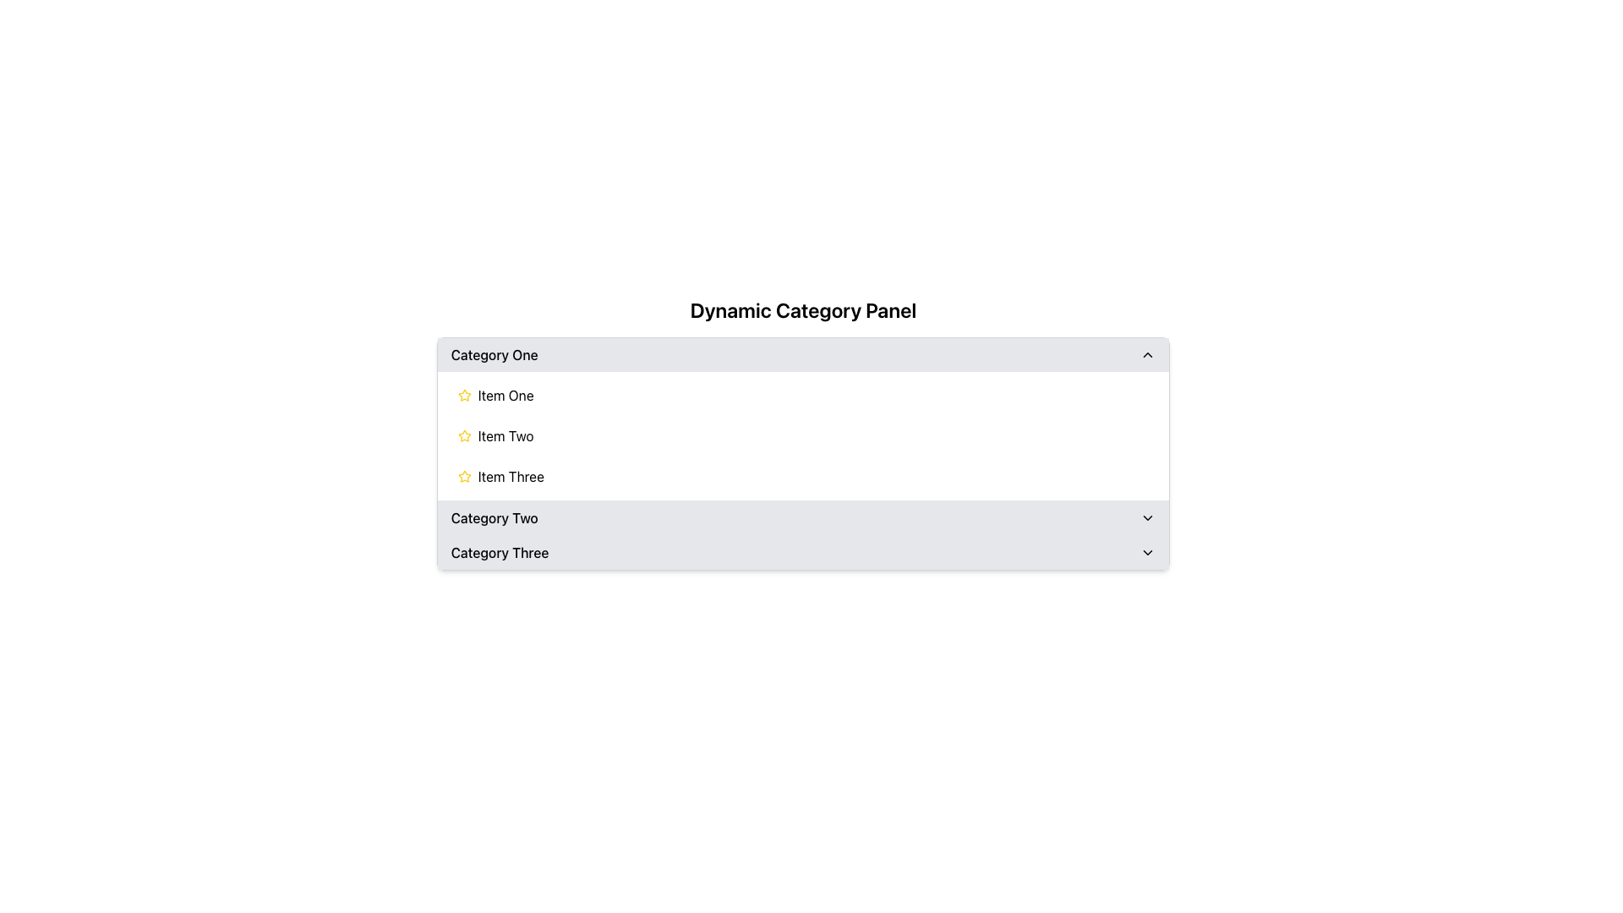  What do you see at coordinates (802, 517) in the screenshot?
I see `the List item with menu toggle labeled 'Category Two'` at bounding box center [802, 517].